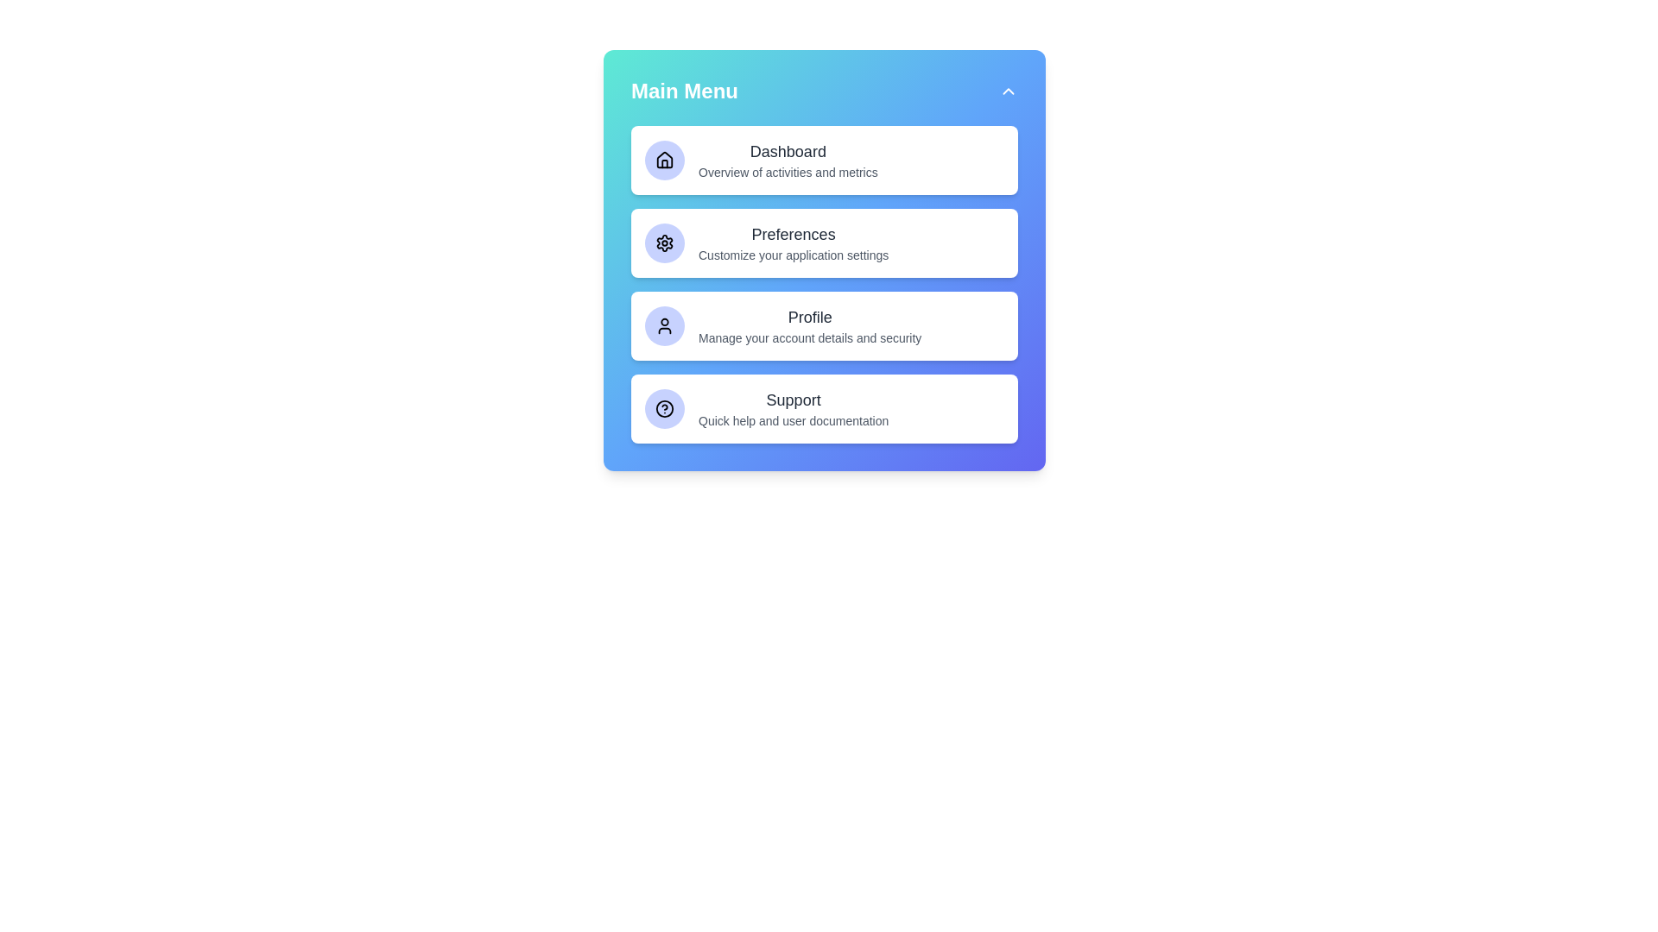 The width and height of the screenshot is (1658, 932). What do you see at coordinates (824, 326) in the screenshot?
I see `the menu option Profile` at bounding box center [824, 326].